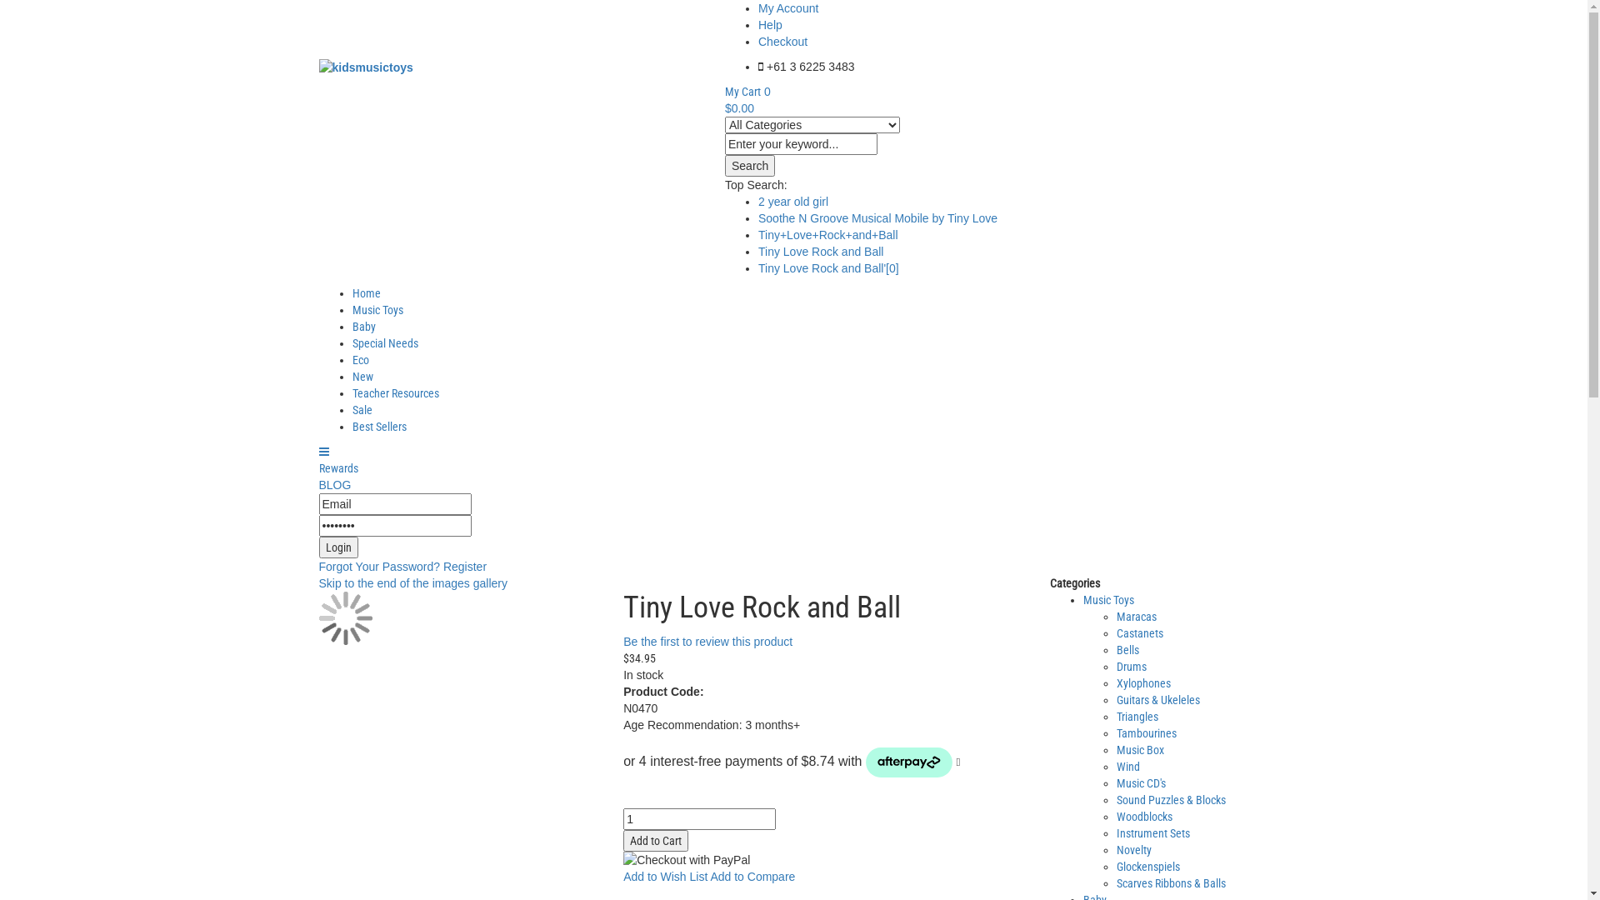 The width and height of the screenshot is (1600, 900). What do you see at coordinates (1147, 866) in the screenshot?
I see `'Glockenspiels'` at bounding box center [1147, 866].